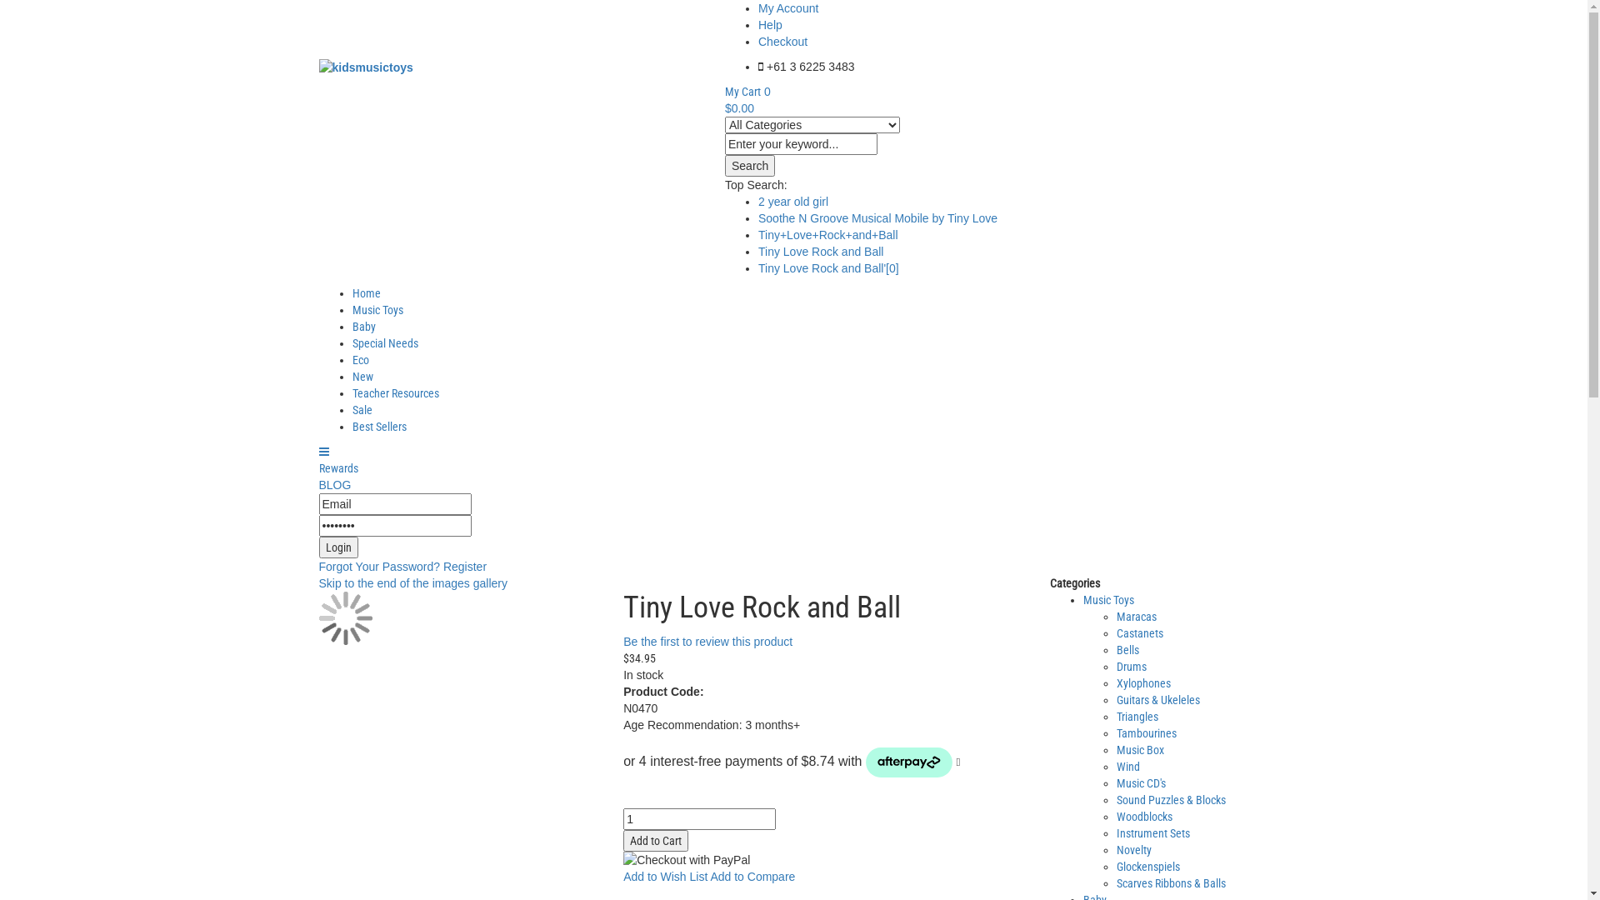 The width and height of the screenshot is (1600, 900). What do you see at coordinates (1147, 866) in the screenshot?
I see `'Glockenspiels'` at bounding box center [1147, 866].